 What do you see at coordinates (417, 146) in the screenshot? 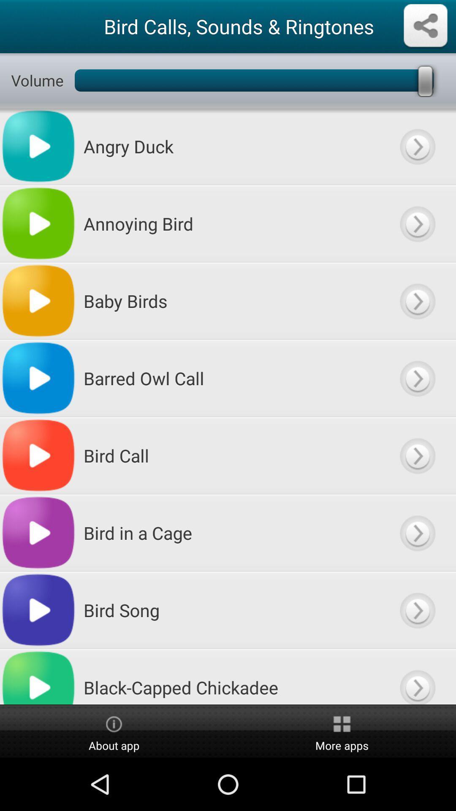
I see `next page` at bounding box center [417, 146].